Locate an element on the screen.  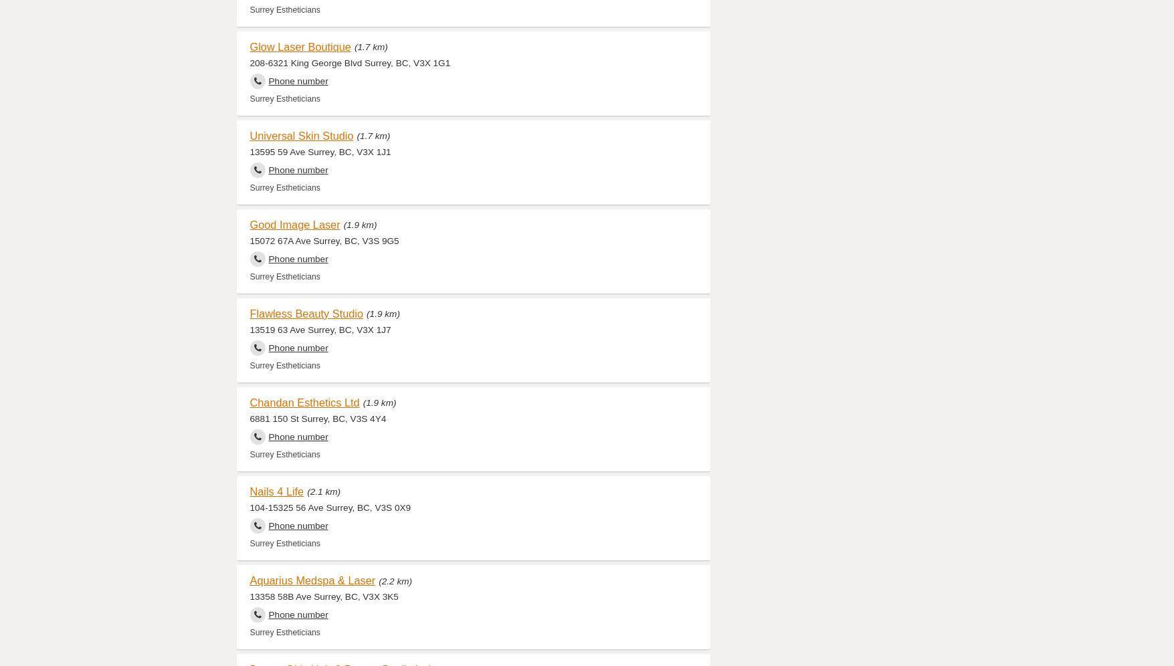
'104-15325 56 Ave Surrey, BC, V3S 0X9' is located at coordinates (329, 507).